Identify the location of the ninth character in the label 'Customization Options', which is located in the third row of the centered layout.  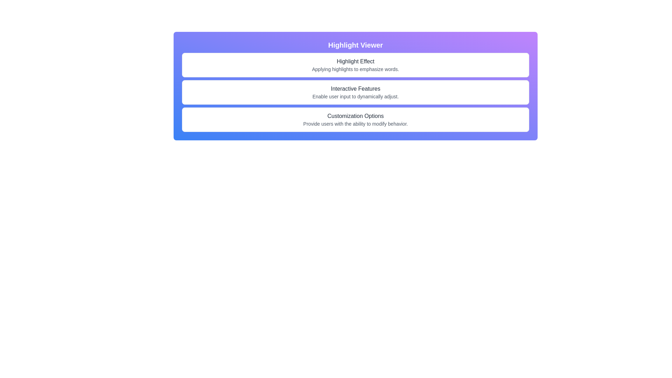
(352, 115).